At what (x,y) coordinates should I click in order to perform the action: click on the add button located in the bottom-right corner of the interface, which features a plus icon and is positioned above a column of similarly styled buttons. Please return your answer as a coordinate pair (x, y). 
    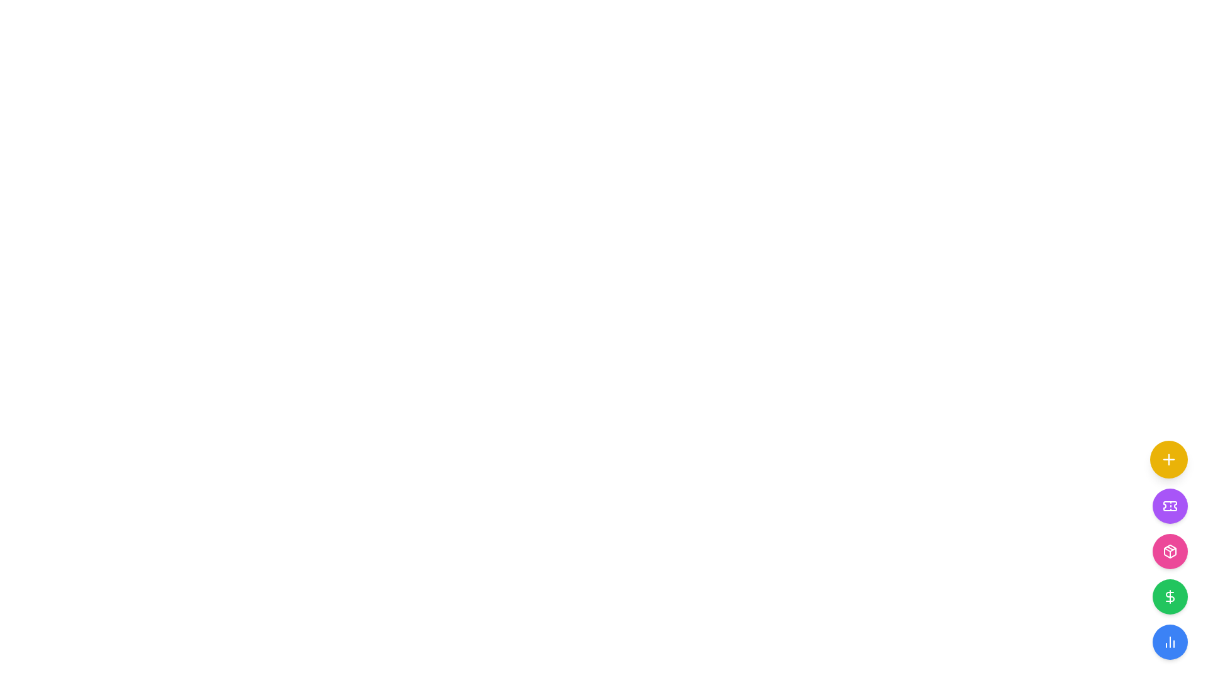
    Looking at the image, I should click on (1168, 459).